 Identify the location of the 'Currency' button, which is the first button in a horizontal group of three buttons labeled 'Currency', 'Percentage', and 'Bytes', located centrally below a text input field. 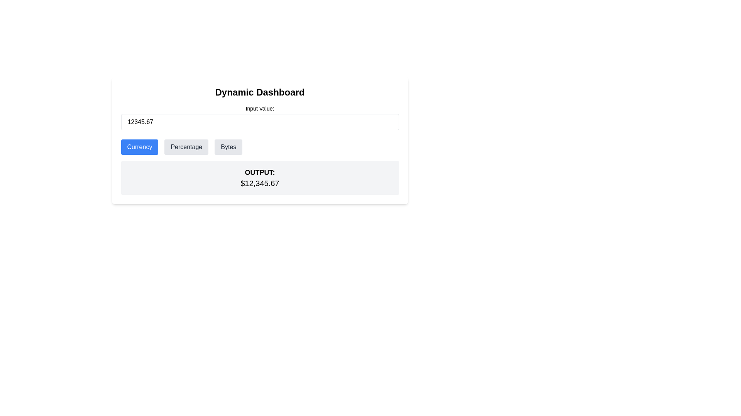
(139, 147).